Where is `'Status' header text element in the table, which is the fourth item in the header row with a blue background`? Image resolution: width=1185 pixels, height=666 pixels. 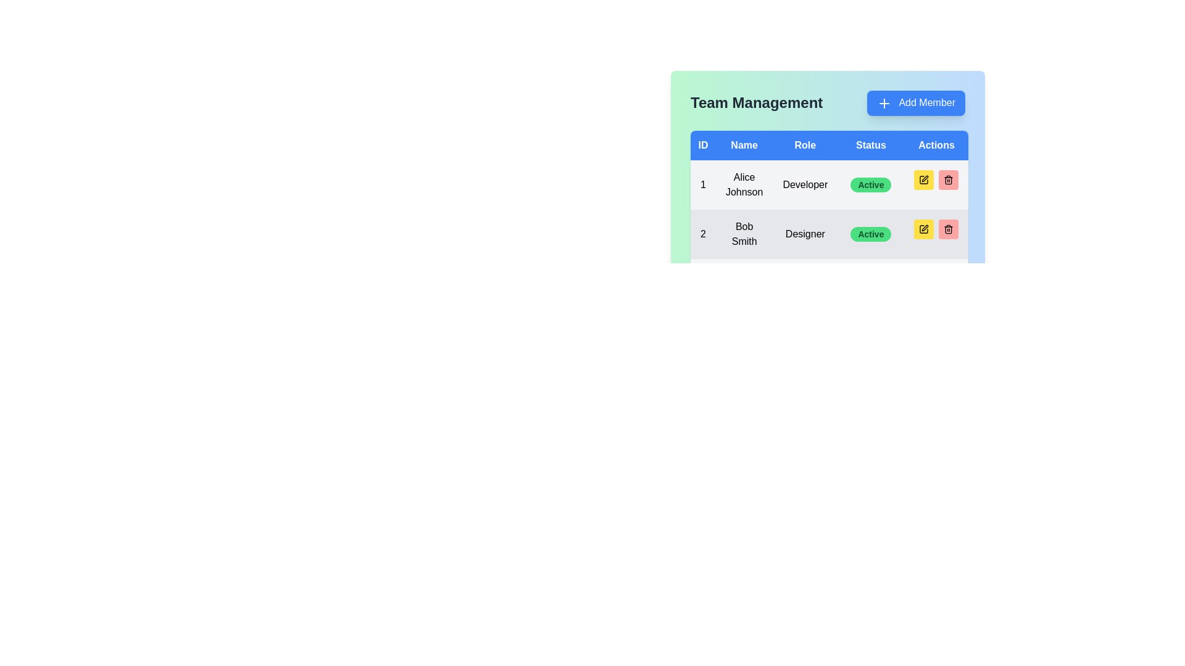 'Status' header text element in the table, which is the fourth item in the header row with a blue background is located at coordinates (870, 144).